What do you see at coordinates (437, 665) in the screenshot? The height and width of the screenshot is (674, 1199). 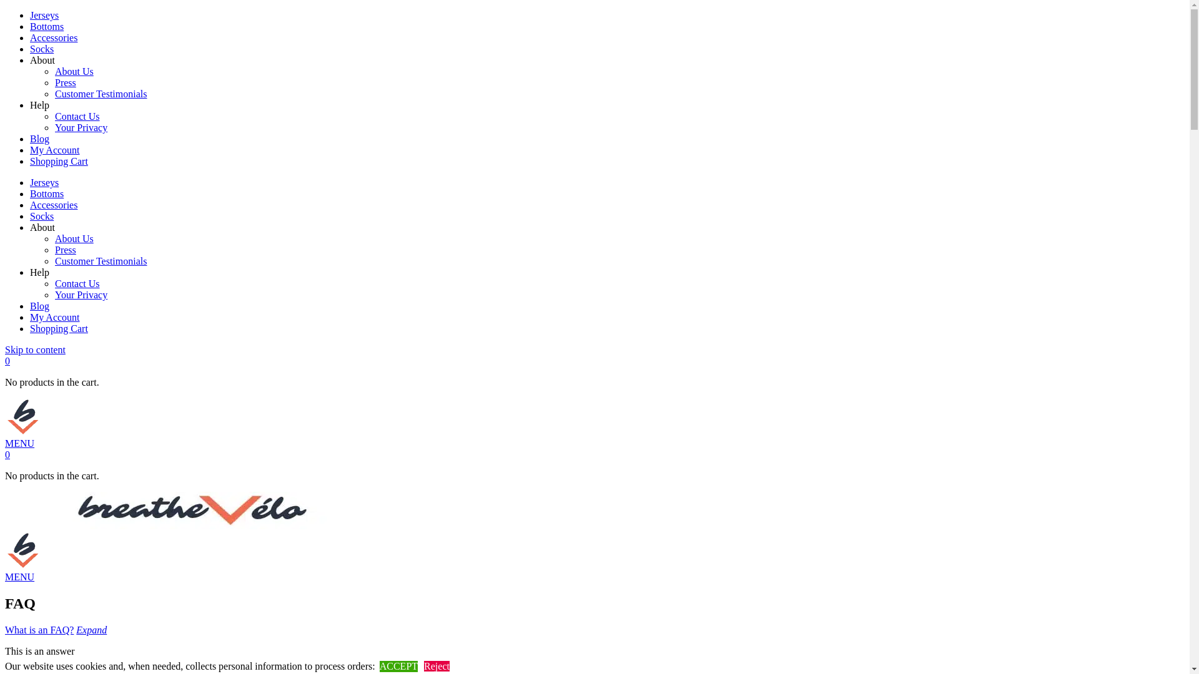 I see `'Reject'` at bounding box center [437, 665].